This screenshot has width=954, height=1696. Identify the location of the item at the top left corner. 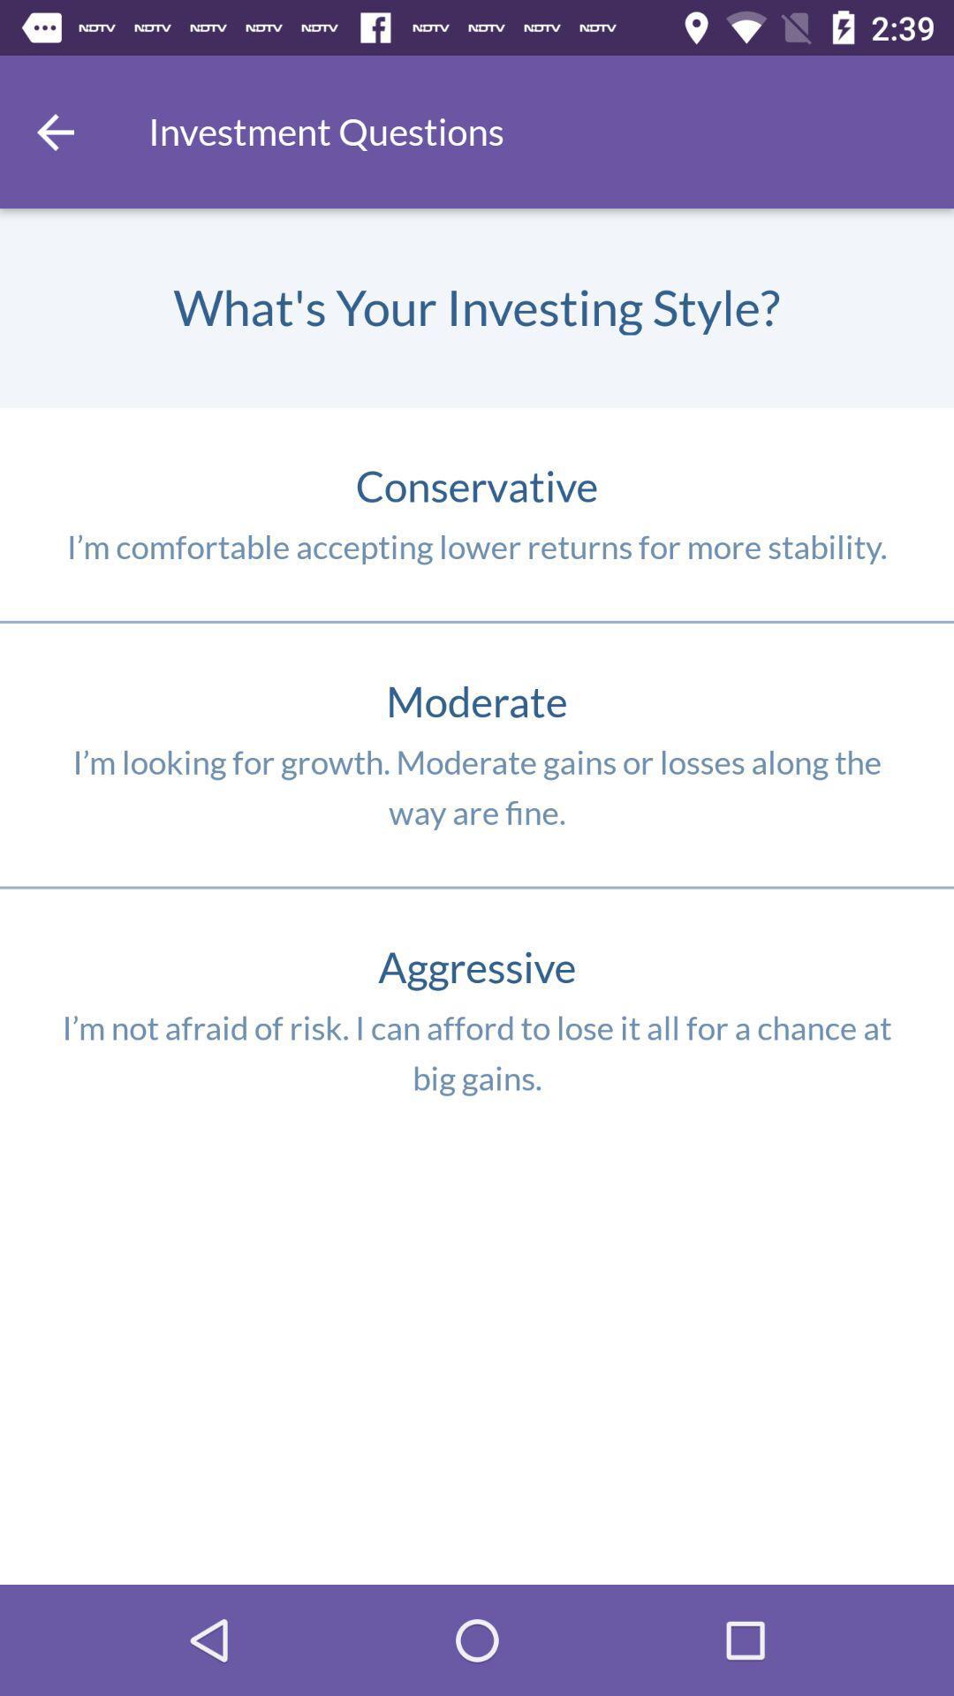
(54, 131).